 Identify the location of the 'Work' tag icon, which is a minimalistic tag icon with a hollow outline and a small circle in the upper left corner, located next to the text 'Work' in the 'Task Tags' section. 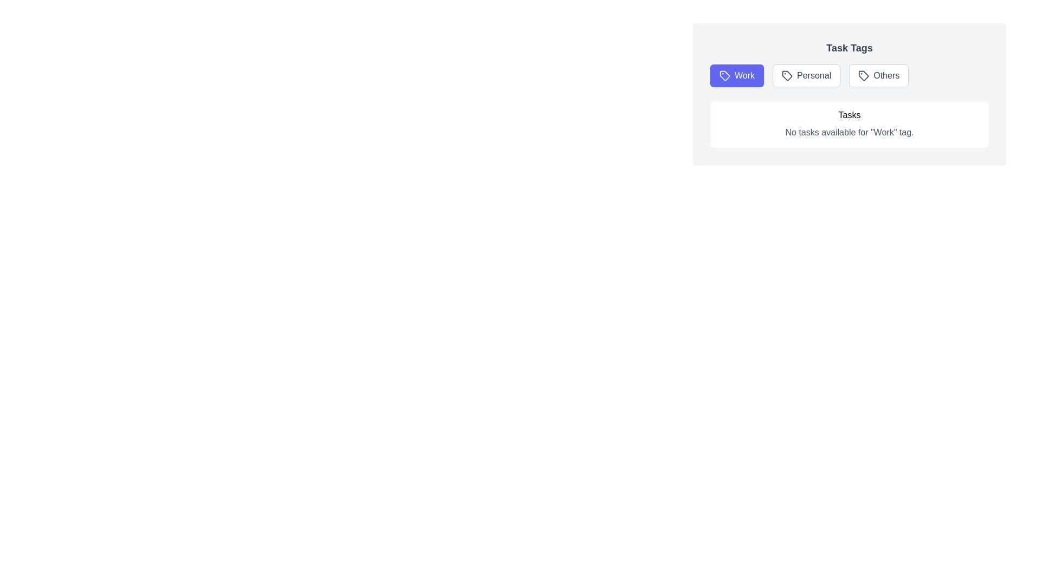
(725, 75).